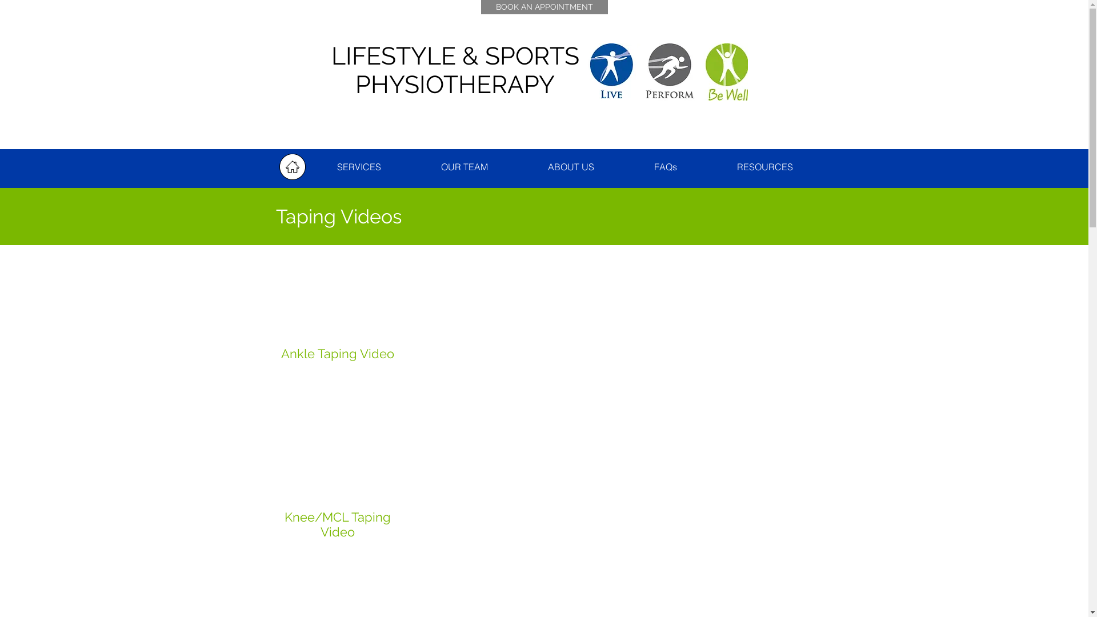 This screenshot has height=617, width=1097. I want to click on 'OUR TEAM', so click(465, 167).